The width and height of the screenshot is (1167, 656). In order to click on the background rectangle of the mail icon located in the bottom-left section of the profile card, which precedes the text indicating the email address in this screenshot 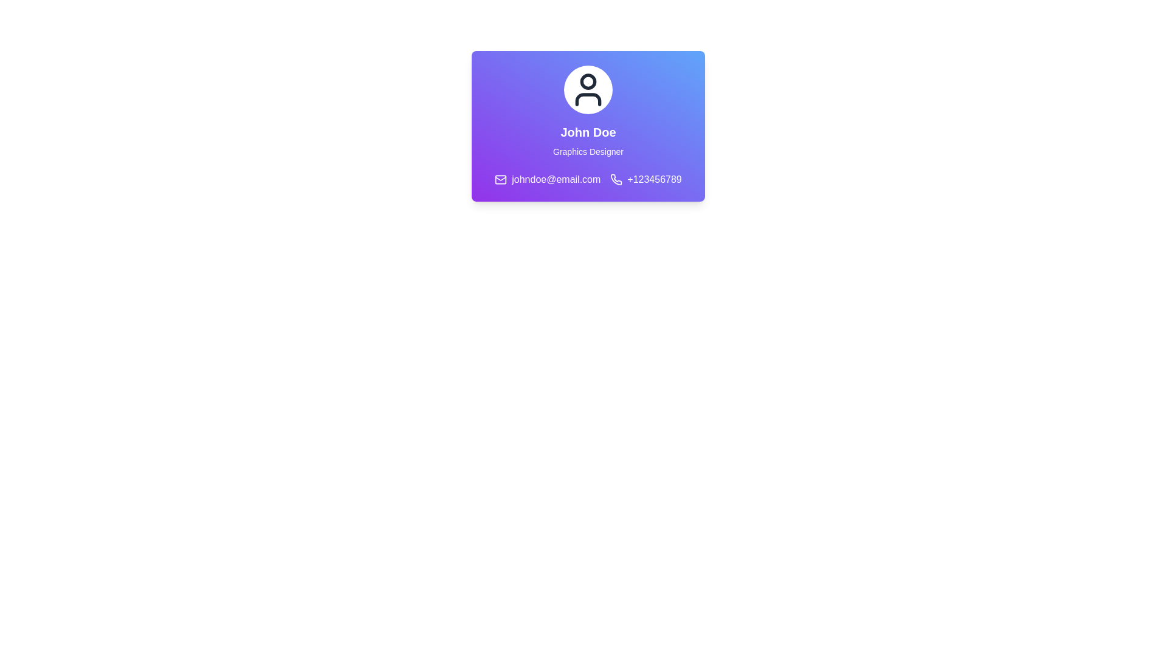, I will do `click(501, 180)`.